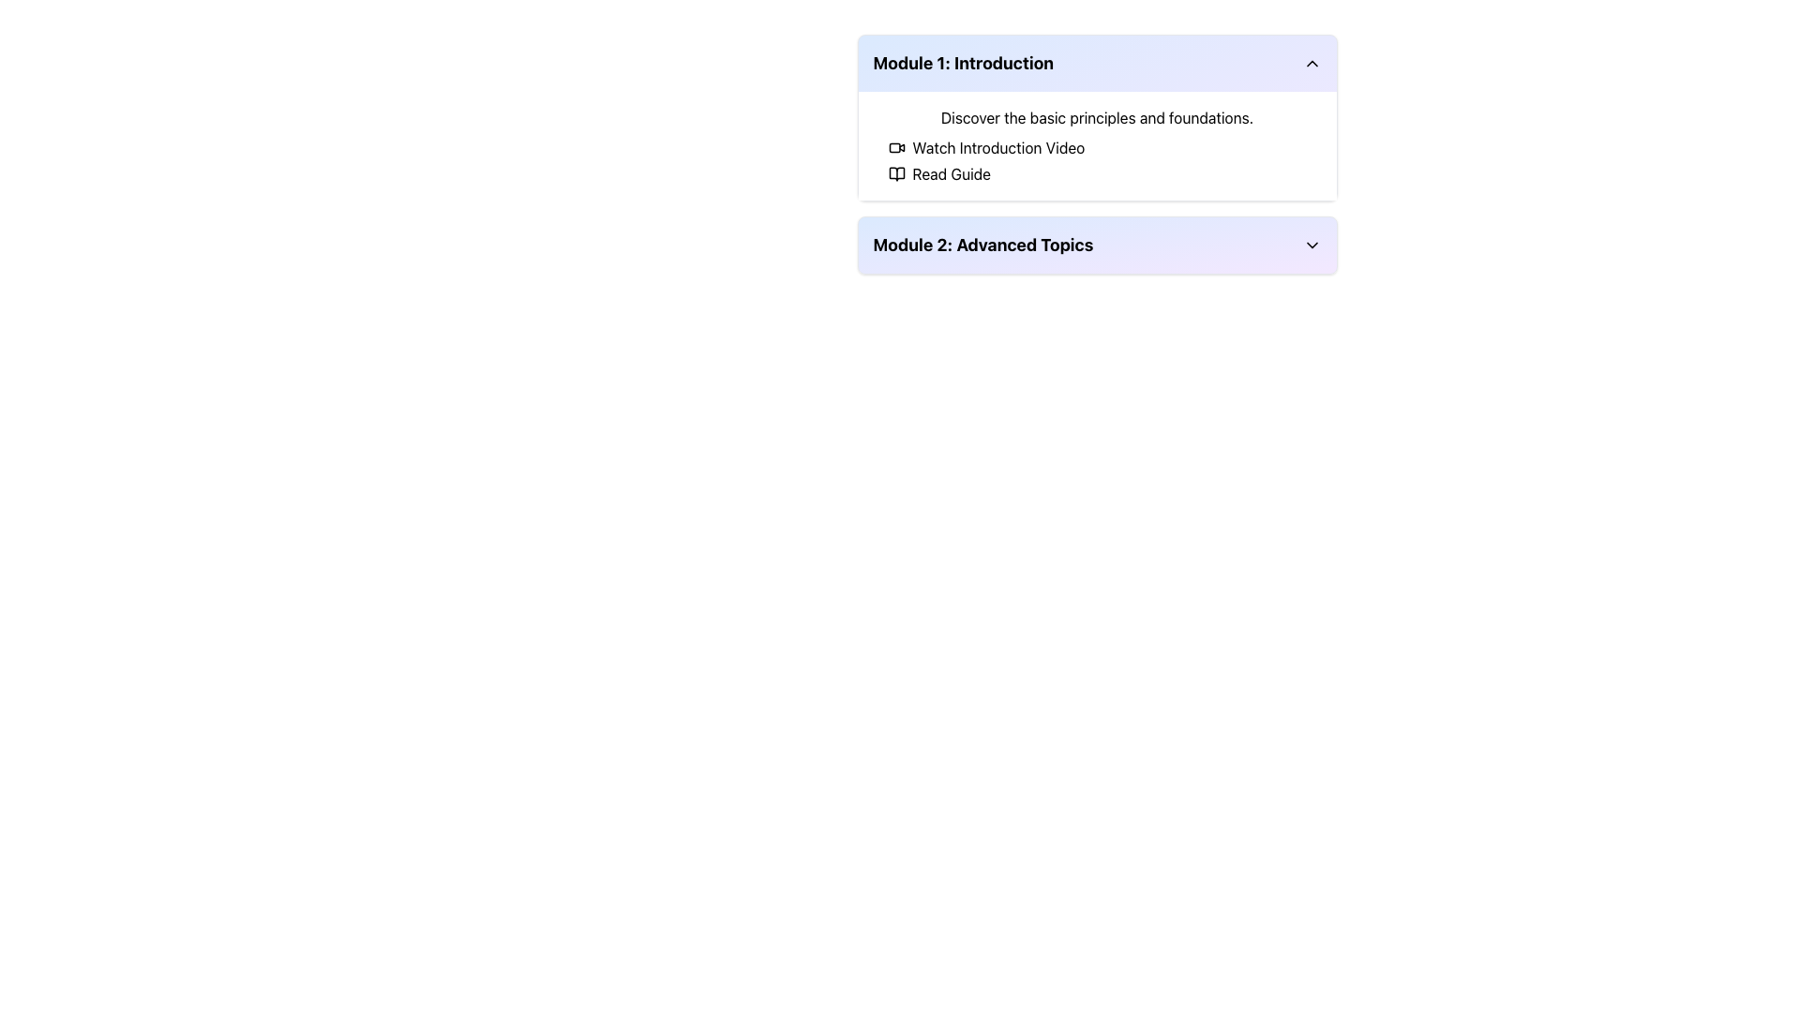  Describe the element at coordinates (893, 147) in the screenshot. I see `the inner rectangle component of the video camera icon located within the 'Module 1: Introduction' section, adjacent to the 'Watch Introduction Video' text` at that location.